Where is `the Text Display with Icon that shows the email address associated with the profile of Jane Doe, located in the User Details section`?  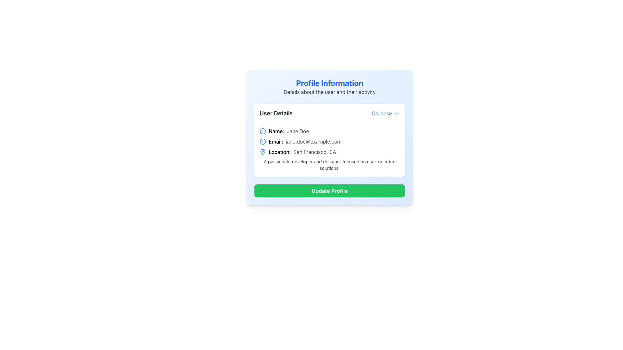
the Text Display with Icon that shows the email address associated with the profile of Jane Doe, located in the User Details section is located at coordinates (330, 141).